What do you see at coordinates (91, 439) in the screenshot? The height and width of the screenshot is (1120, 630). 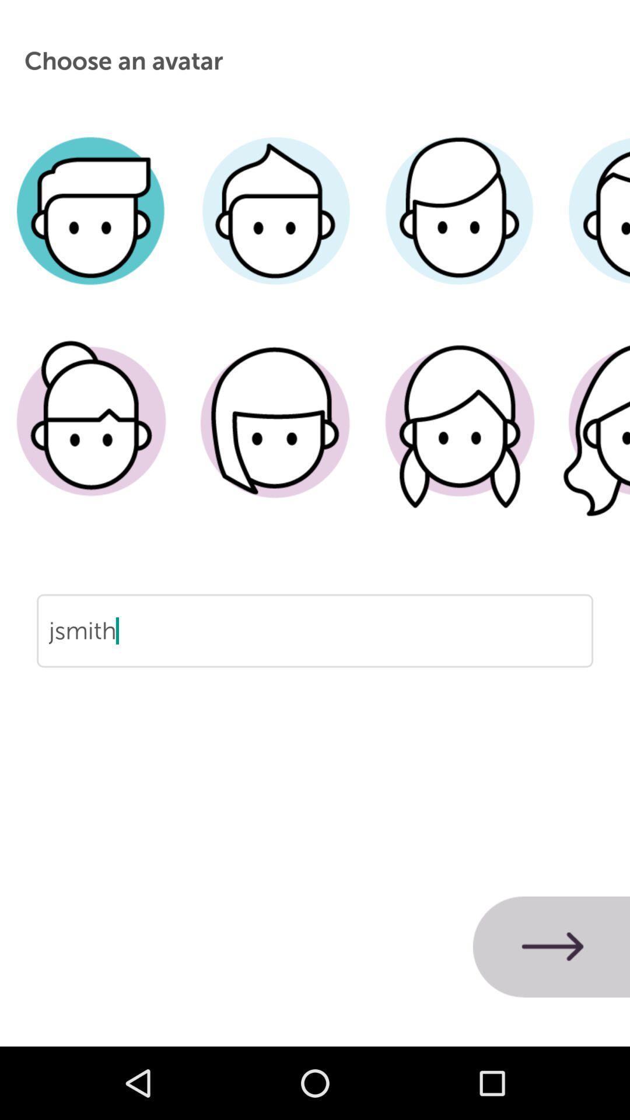 I see `face` at bounding box center [91, 439].